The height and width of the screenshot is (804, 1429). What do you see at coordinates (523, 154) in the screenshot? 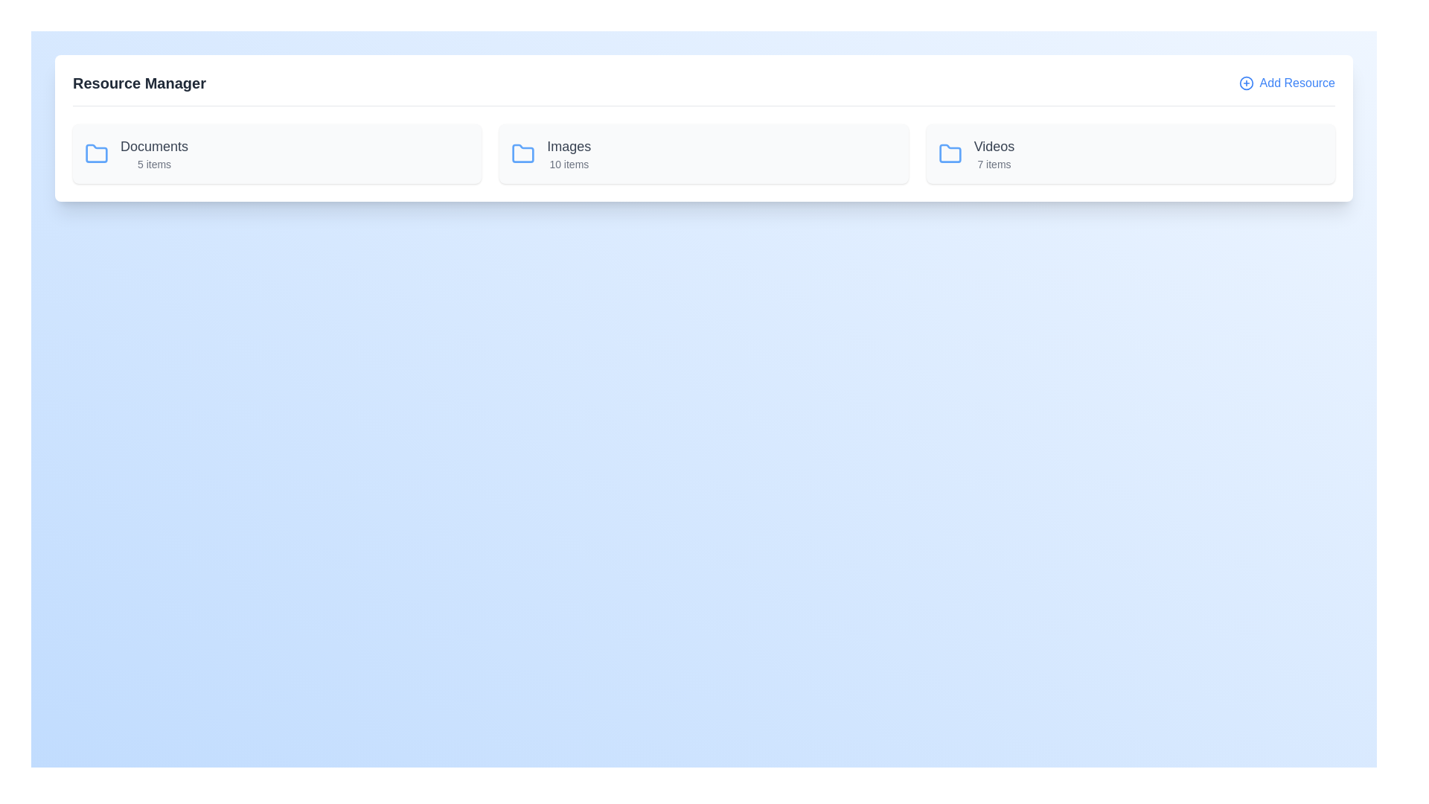
I see `the folder icon representing the 'Images' folder, which is the leftmost component in the group of three folder listings (Documents, Images, Videos) located at the top-center area of the interface` at bounding box center [523, 154].